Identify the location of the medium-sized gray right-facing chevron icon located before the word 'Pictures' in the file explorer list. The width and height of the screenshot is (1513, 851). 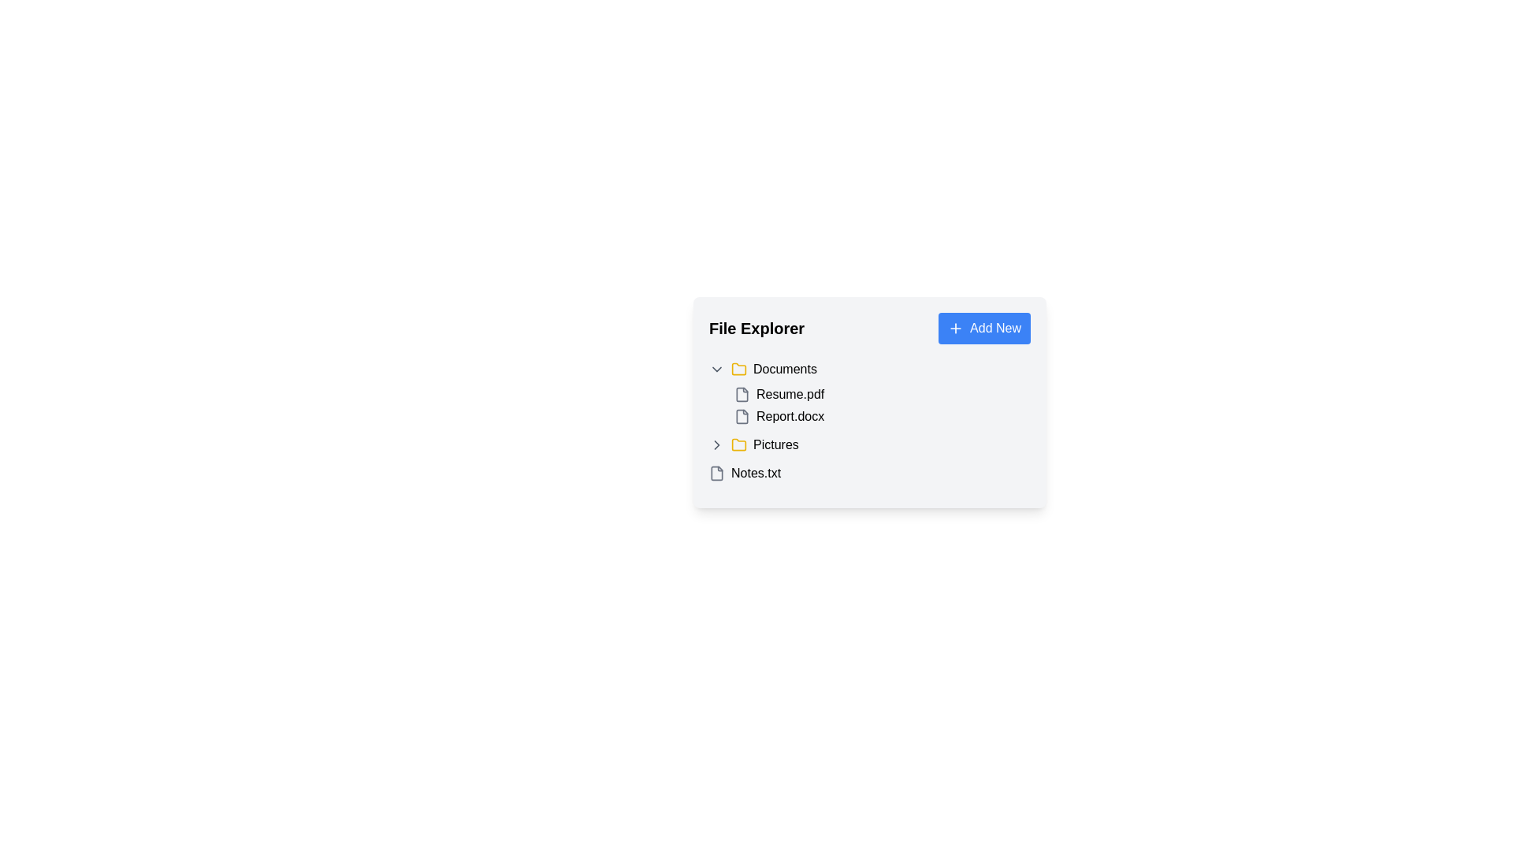
(716, 444).